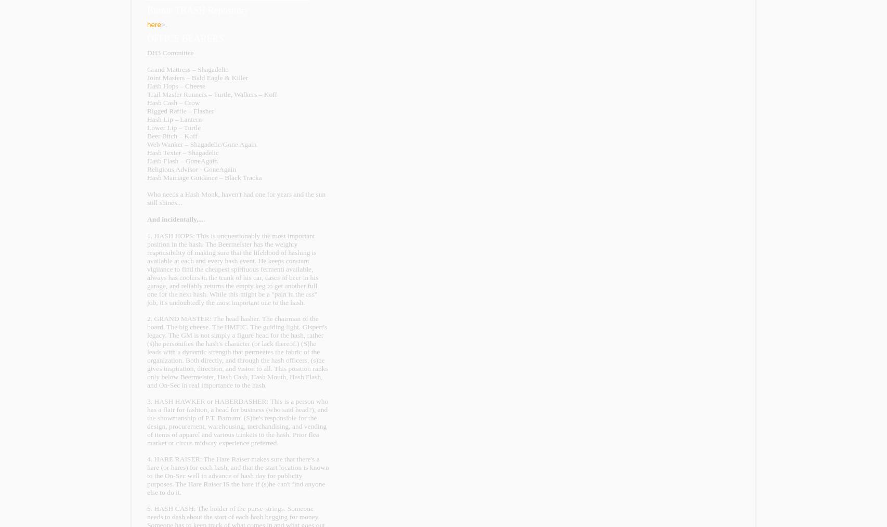  I want to click on 'Hash Lip – Lantern', so click(174, 119).